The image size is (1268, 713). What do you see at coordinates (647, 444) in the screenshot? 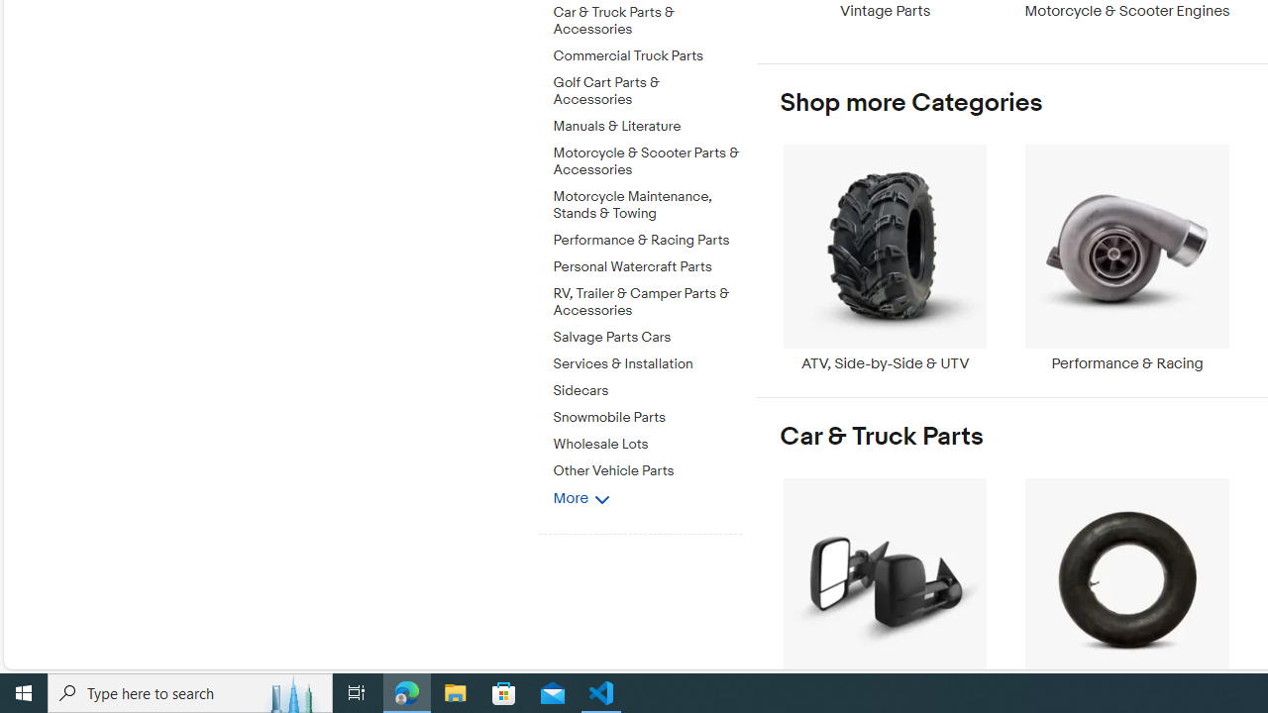
I see `'Wholesale Lots'` at bounding box center [647, 444].